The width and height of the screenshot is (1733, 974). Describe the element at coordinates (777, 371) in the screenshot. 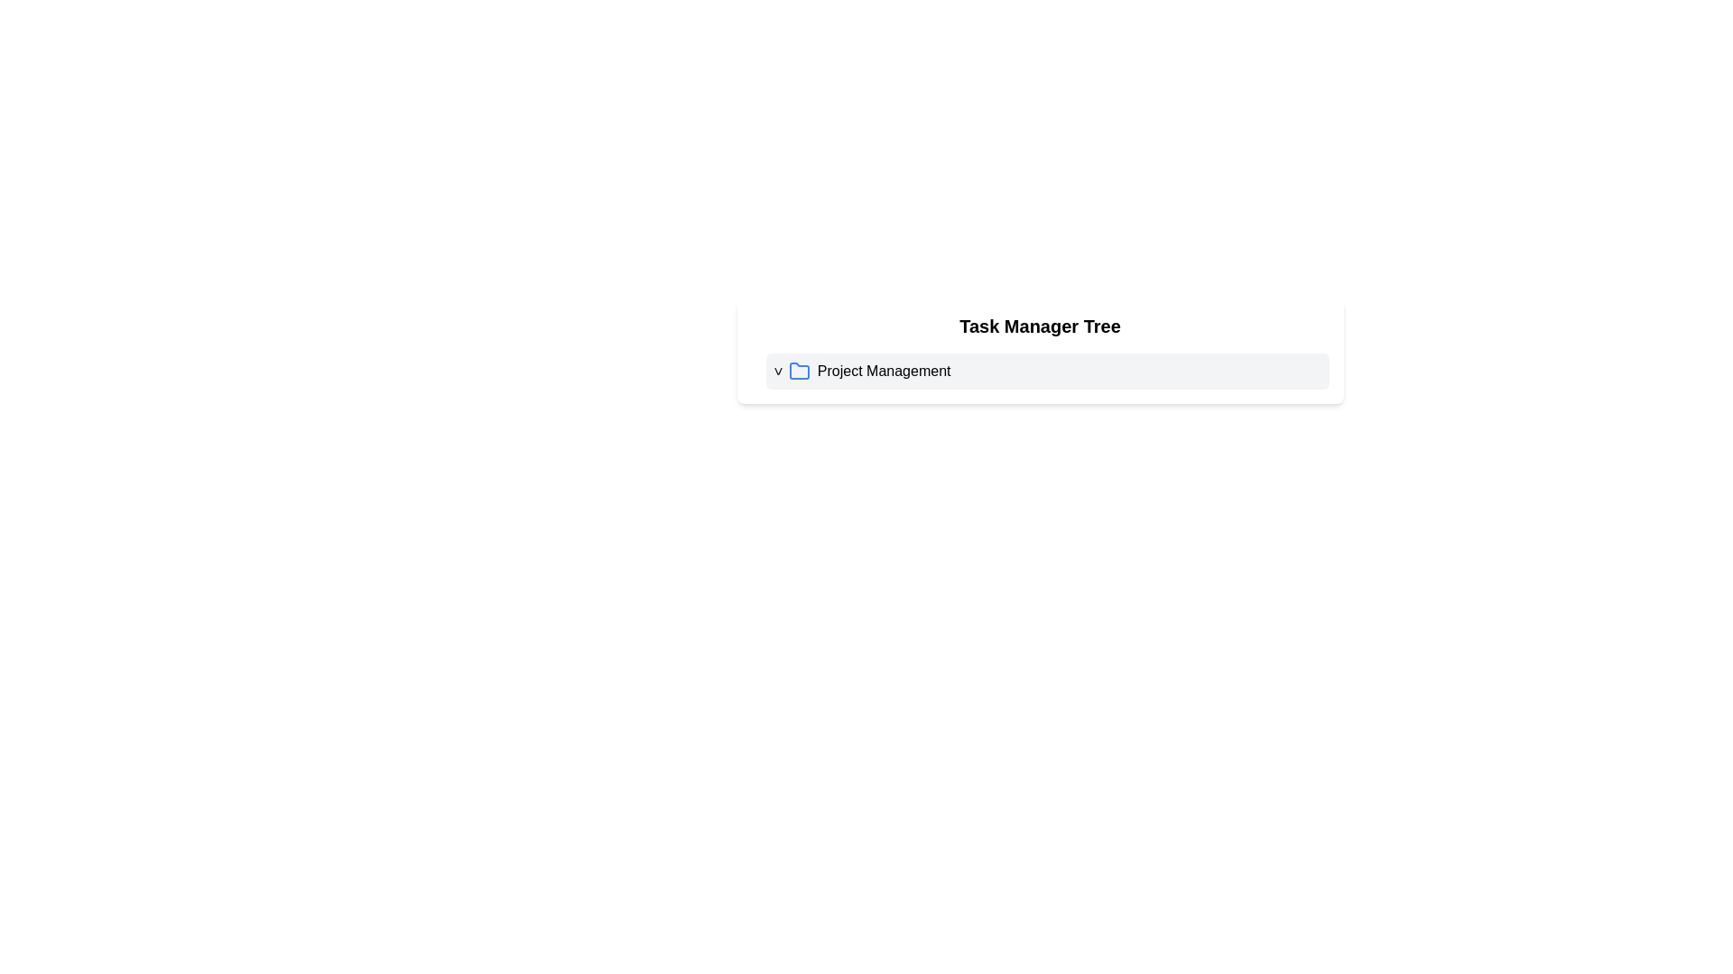

I see `the small black triangular arrow icon on the leftmost side of the horizontal layout` at that location.